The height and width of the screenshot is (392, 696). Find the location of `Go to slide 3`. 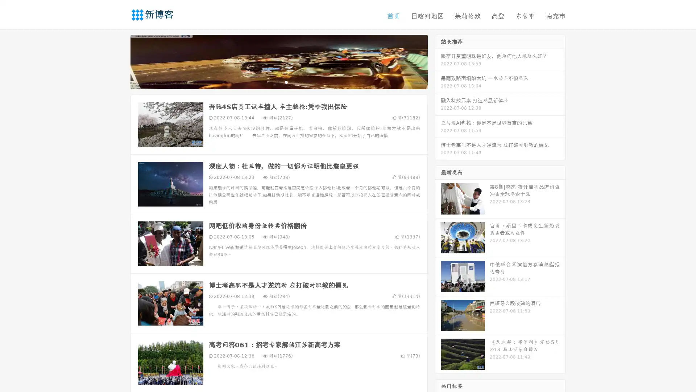

Go to slide 3 is located at coordinates (286, 82).